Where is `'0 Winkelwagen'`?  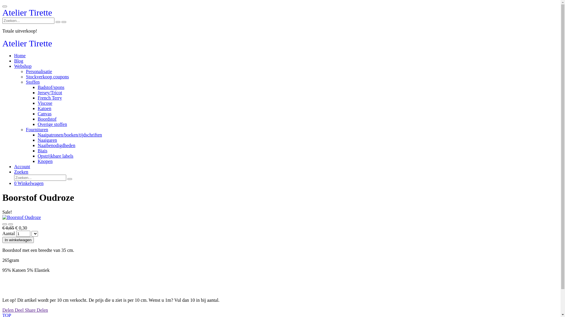
'0 Winkelwagen' is located at coordinates (28, 183).